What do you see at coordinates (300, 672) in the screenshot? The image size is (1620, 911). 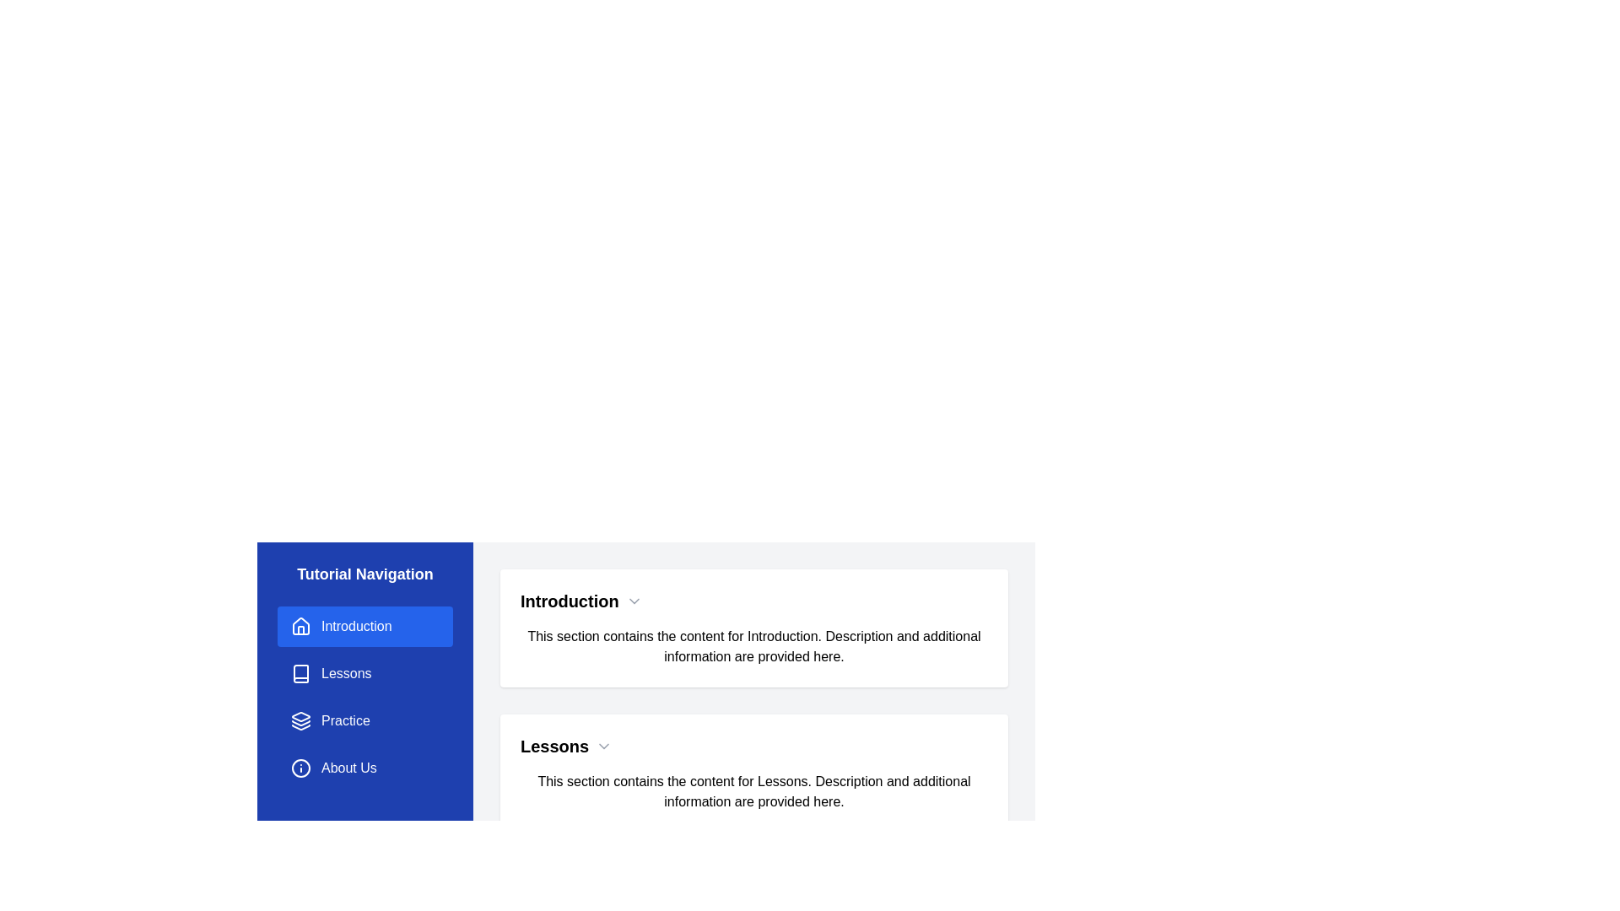 I see `the closed book icon in the vertical navigation menu on the left side of the page` at bounding box center [300, 672].